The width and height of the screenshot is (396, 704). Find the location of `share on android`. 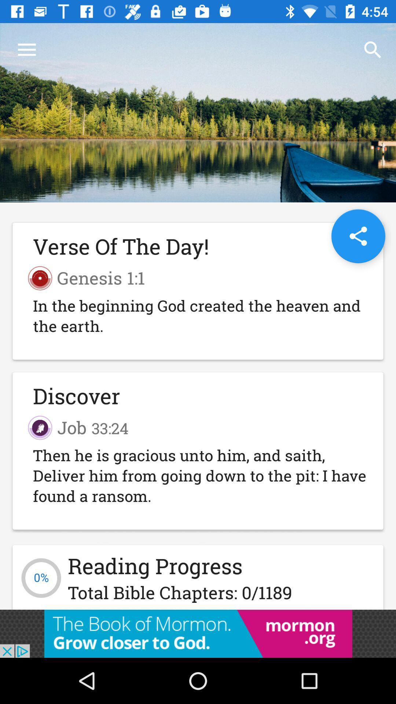

share on android is located at coordinates (358, 236).